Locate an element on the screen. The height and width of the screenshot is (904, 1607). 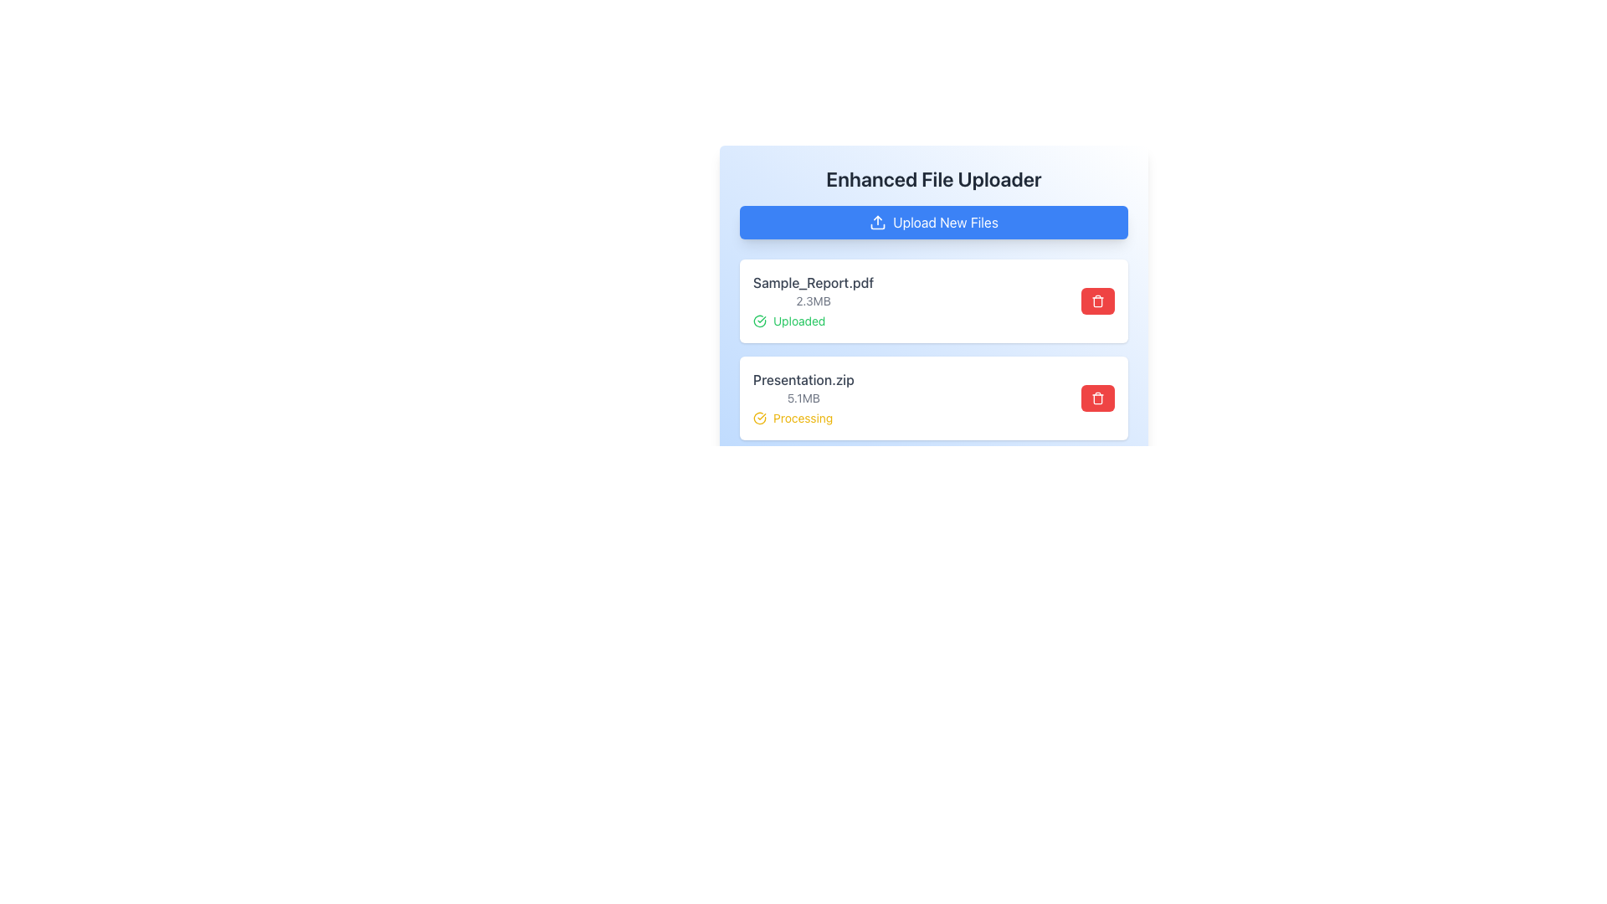
the text that serves as the name or identifier of the uploaded file in the file upload interface is located at coordinates (814, 282).